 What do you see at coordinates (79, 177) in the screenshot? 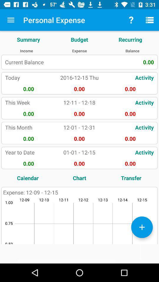
I see `chart icon` at bounding box center [79, 177].